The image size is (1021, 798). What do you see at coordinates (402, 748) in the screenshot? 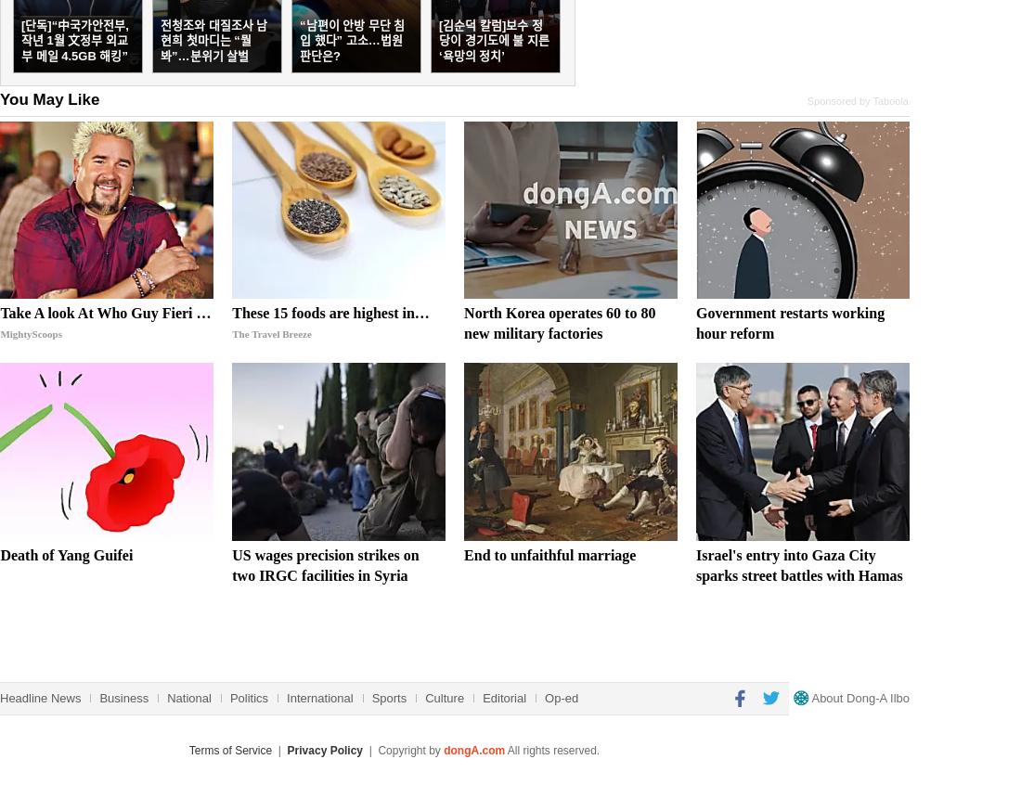
I see `'|  Copyright by'` at bounding box center [402, 748].